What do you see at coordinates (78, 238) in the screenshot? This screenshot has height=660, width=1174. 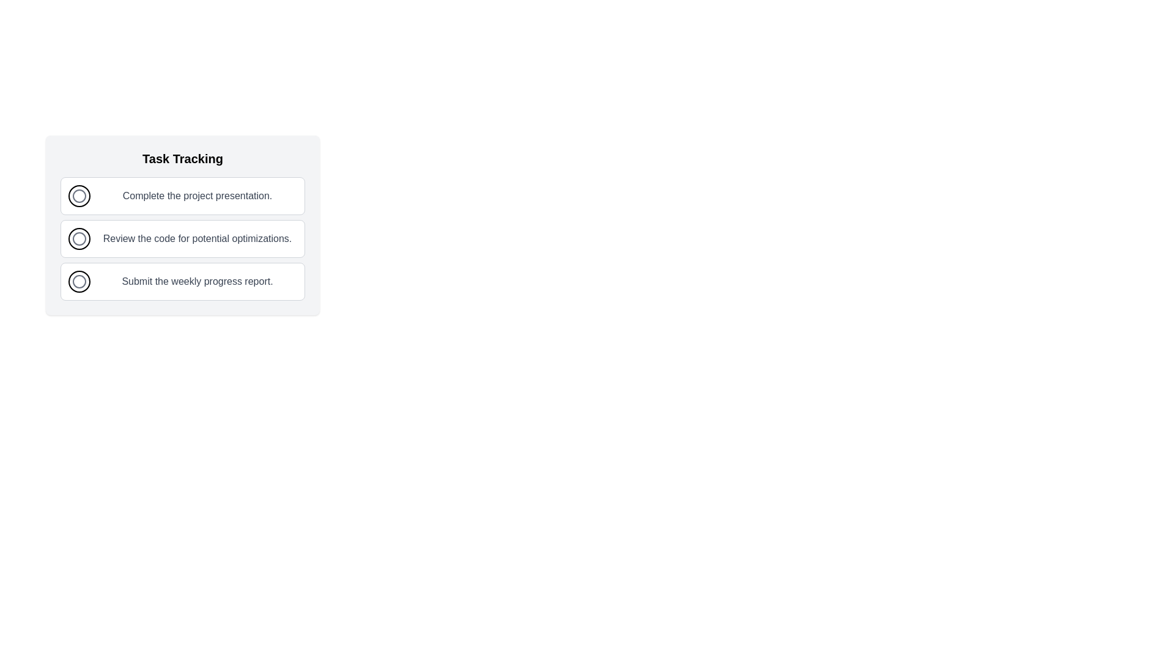 I see `the circular graphic status indicator next to the task 'Review the code for potential optimizations' in the 'Task Tracking' section` at bounding box center [78, 238].